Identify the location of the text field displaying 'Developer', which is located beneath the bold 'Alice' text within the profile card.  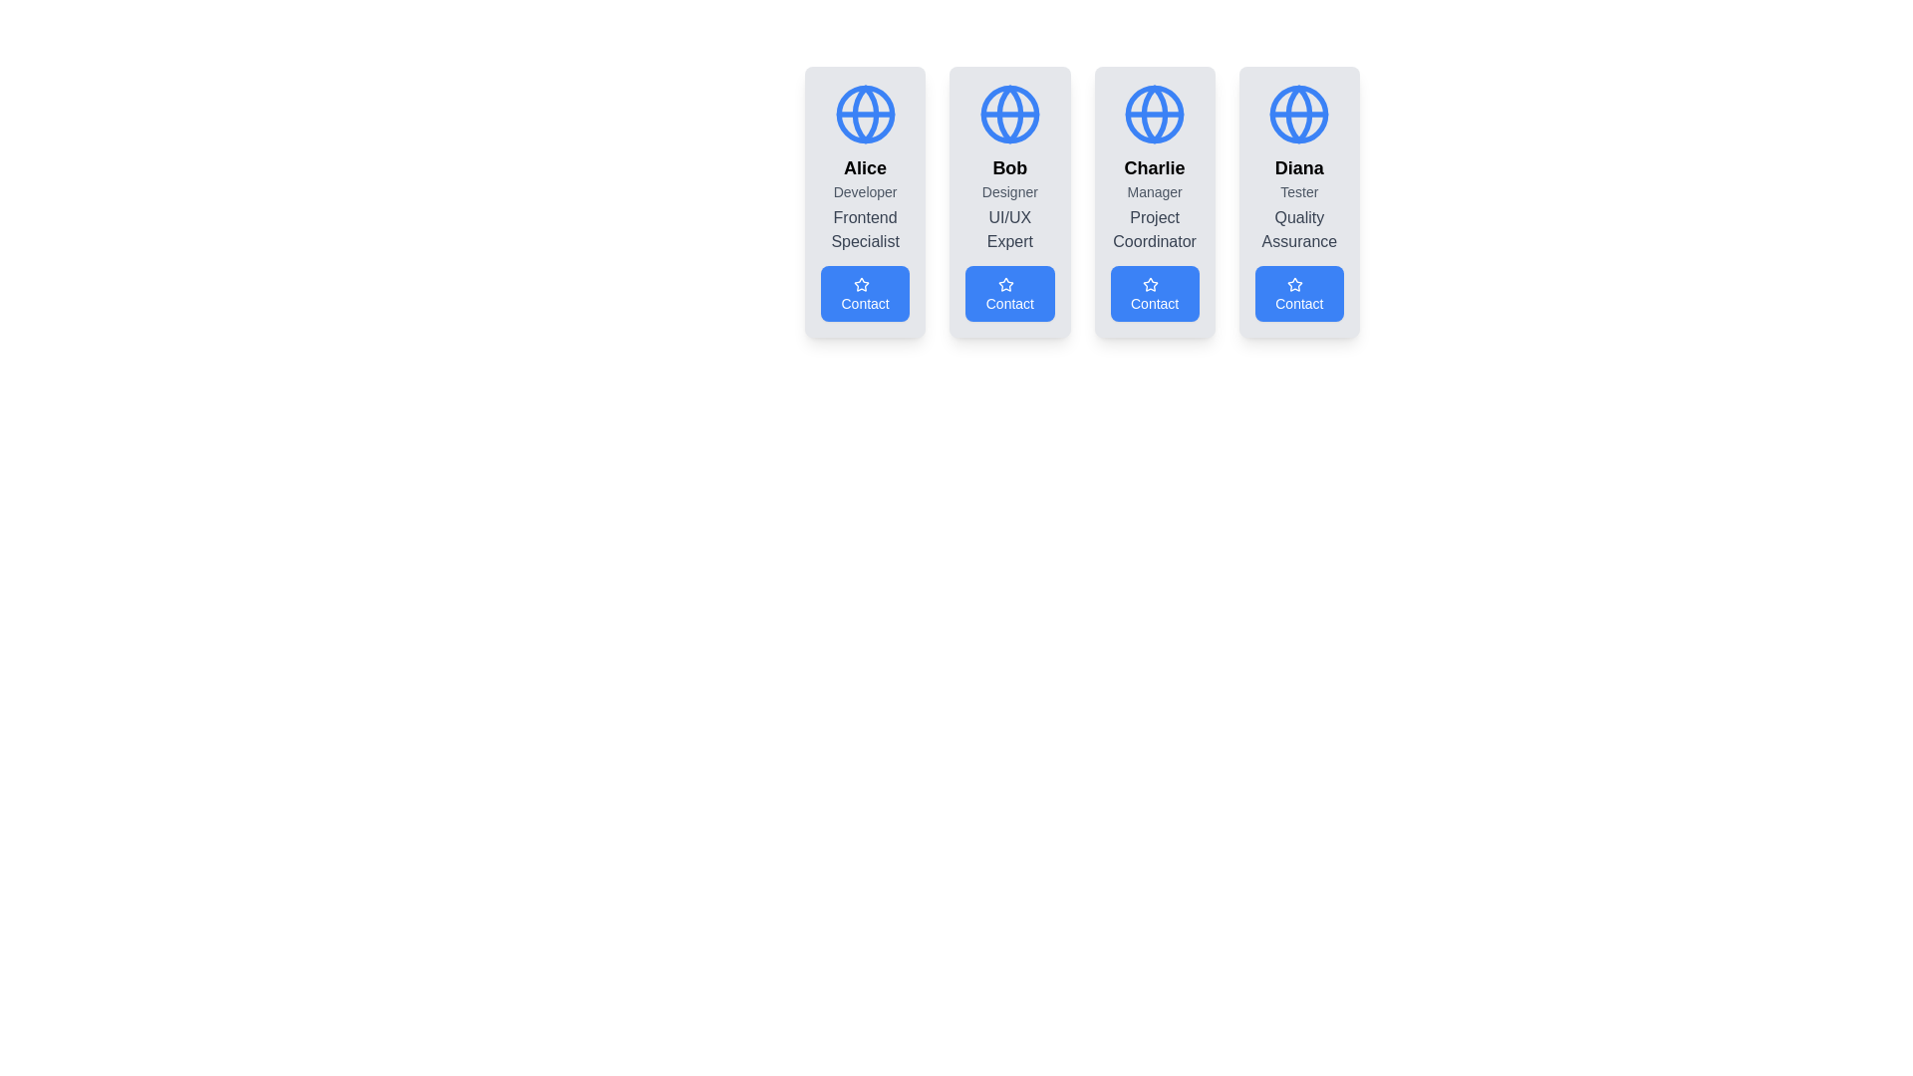
(865, 191).